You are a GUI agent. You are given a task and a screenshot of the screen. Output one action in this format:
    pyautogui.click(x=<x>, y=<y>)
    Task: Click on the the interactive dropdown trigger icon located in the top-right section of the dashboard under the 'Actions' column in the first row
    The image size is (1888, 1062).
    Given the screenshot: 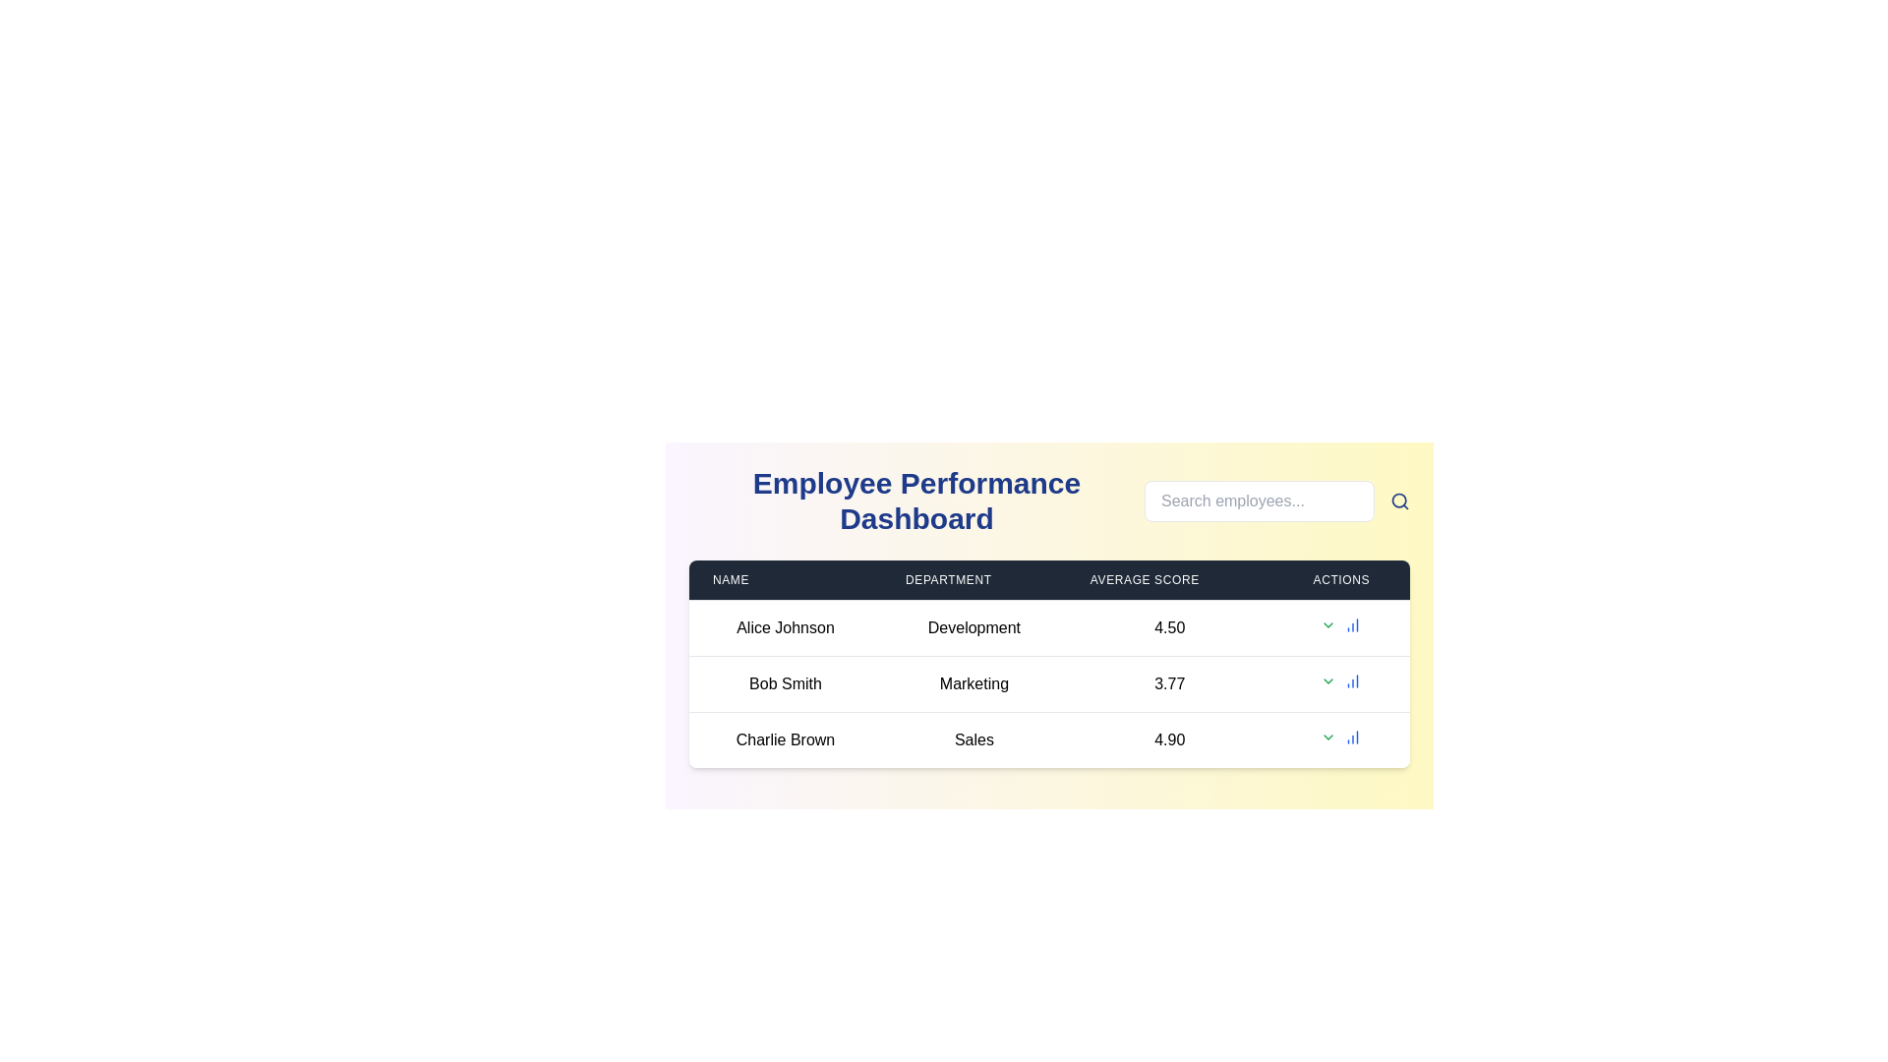 What is the action you would take?
    pyautogui.click(x=1328, y=625)
    